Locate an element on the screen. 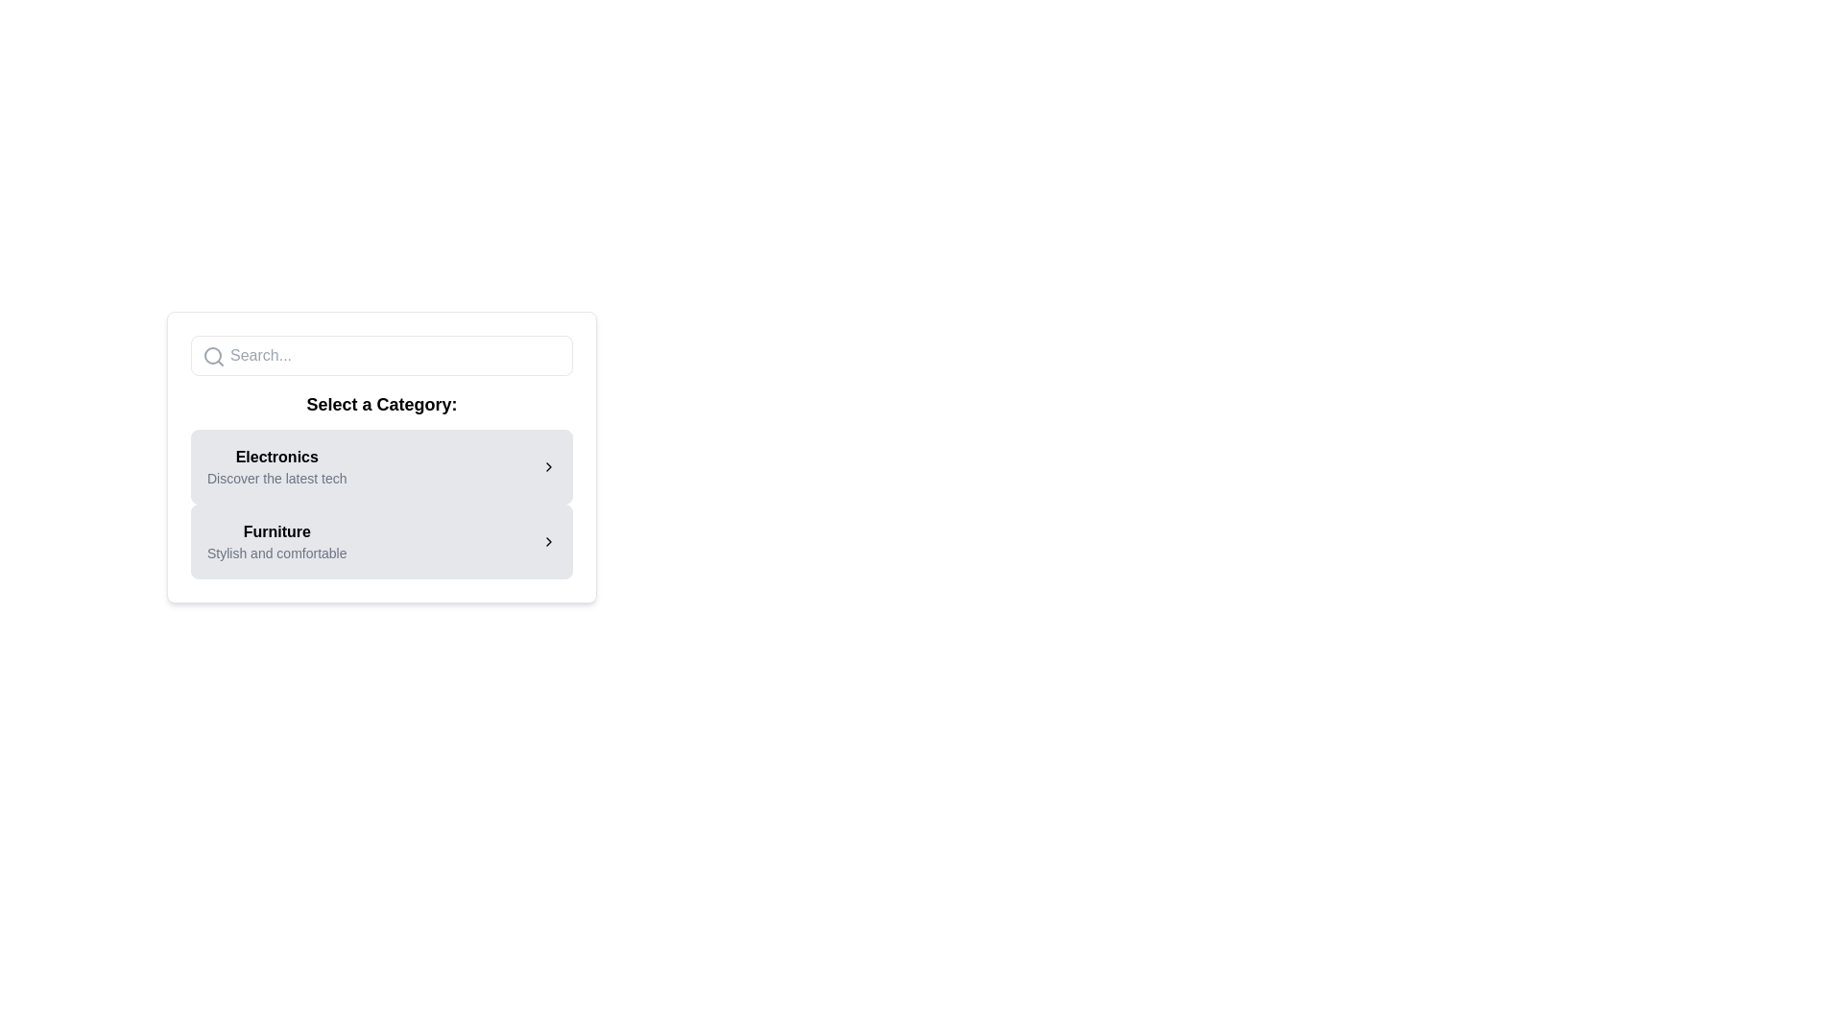  descriptions of the selectable categories in the List below the 'Select a Category:' title, specifically focusing on 'Electronics' and 'Furniture' is located at coordinates (382, 503).